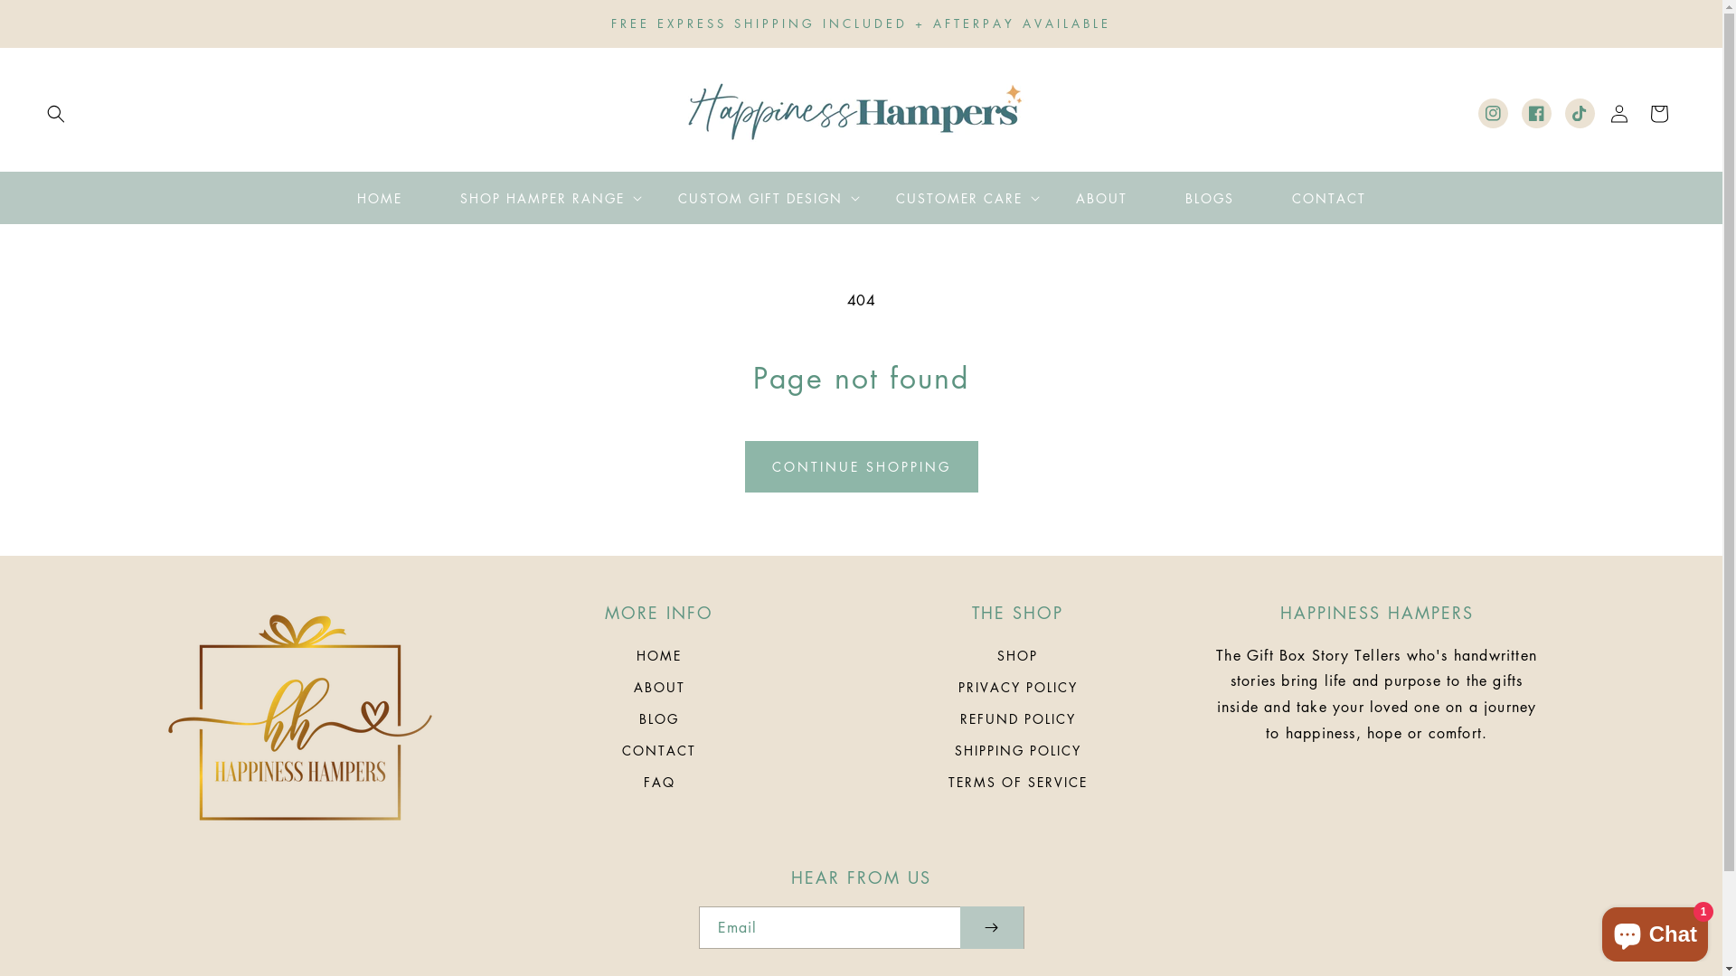 This screenshot has width=1736, height=976. Describe the element at coordinates (1579, 113) in the screenshot. I see `'TikTok'` at that location.